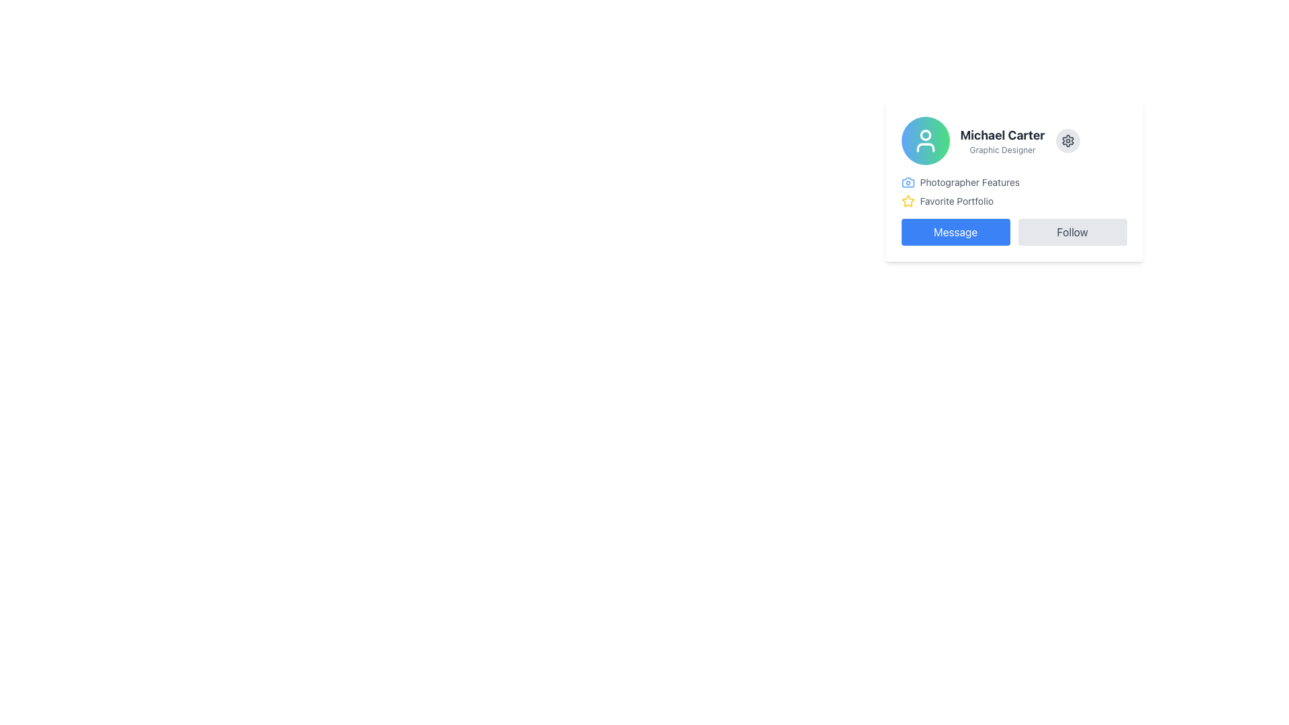 This screenshot has height=725, width=1289. Describe the element at coordinates (1002, 140) in the screenshot. I see `the text block titled 'Michael Carter' which describes the individual as a 'Graphic Designer' for more details` at that location.